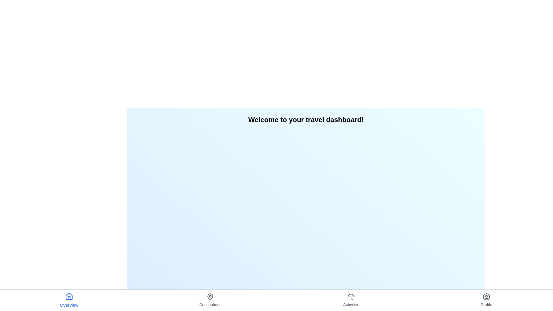 The image size is (553, 311). Describe the element at coordinates (210, 297) in the screenshot. I see `the 'Destinations' icon located in the center of the bottom navigation bar` at that location.